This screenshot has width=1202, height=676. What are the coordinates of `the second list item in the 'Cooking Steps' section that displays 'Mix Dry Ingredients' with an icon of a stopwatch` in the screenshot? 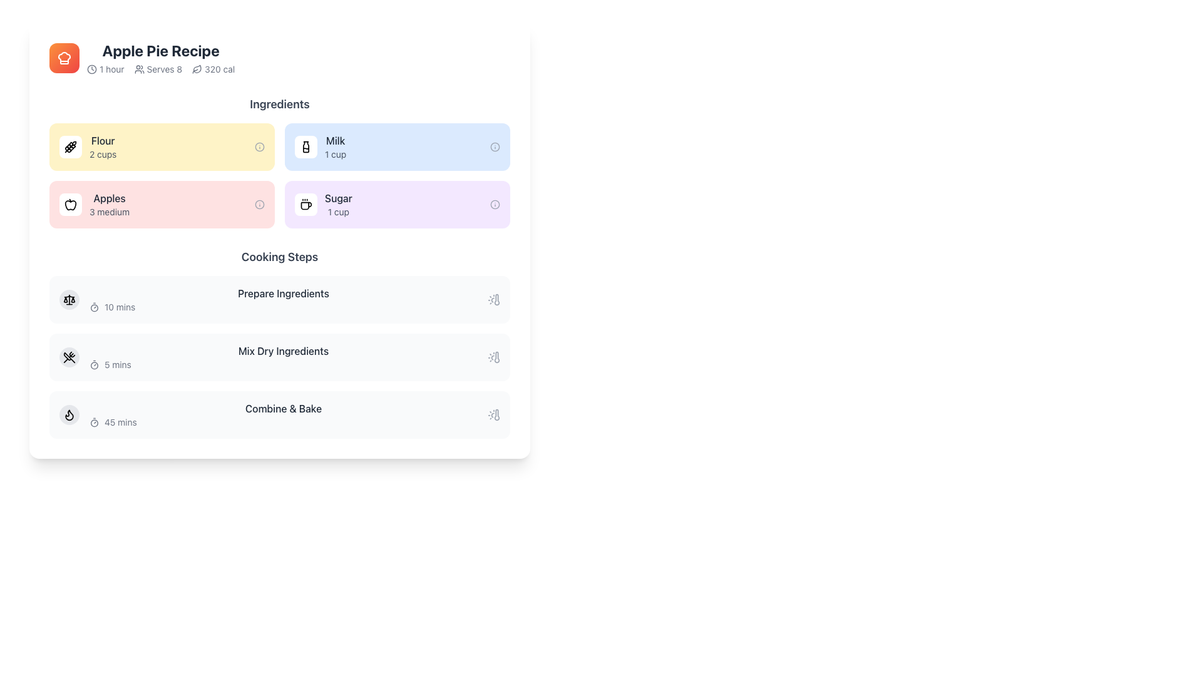 It's located at (282, 357).